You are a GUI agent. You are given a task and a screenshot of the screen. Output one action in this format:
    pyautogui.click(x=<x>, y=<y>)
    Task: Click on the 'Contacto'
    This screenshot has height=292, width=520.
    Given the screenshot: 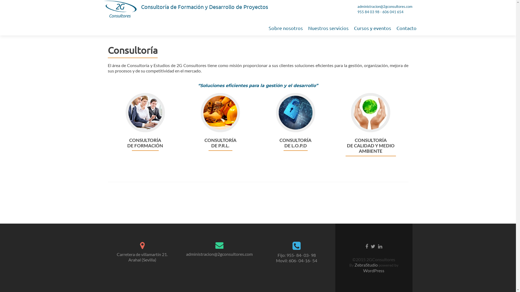 What is the action you would take?
    pyautogui.click(x=407, y=28)
    